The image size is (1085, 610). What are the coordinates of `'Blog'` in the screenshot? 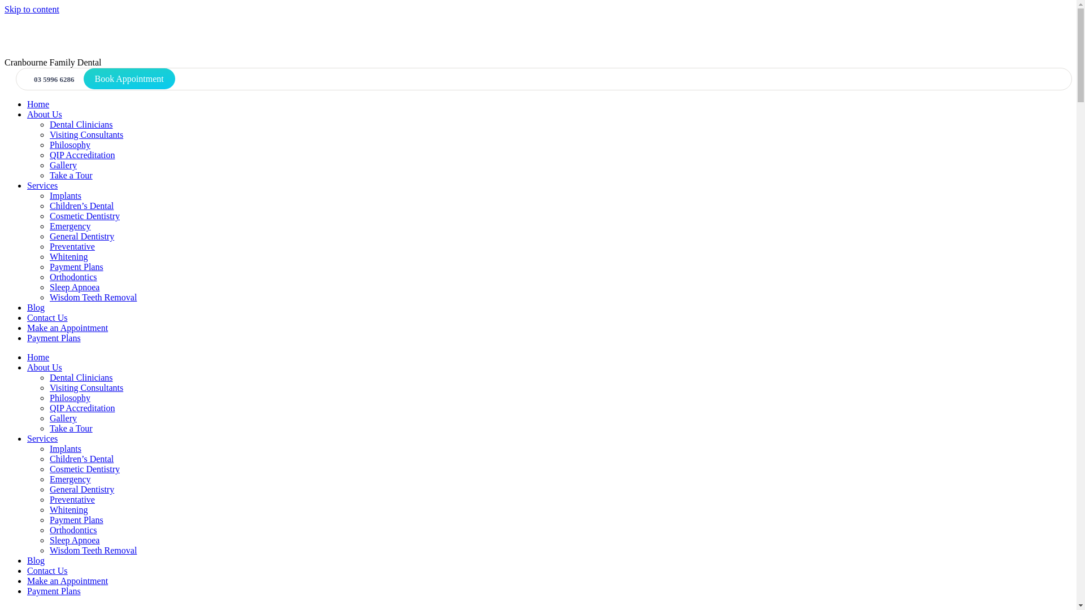 It's located at (36, 560).